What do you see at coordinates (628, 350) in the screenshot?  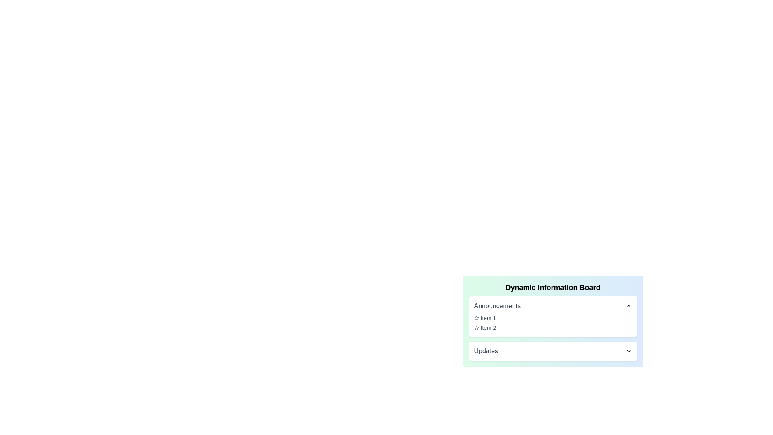 I see `the chevron-down icon to perform its associated action` at bounding box center [628, 350].